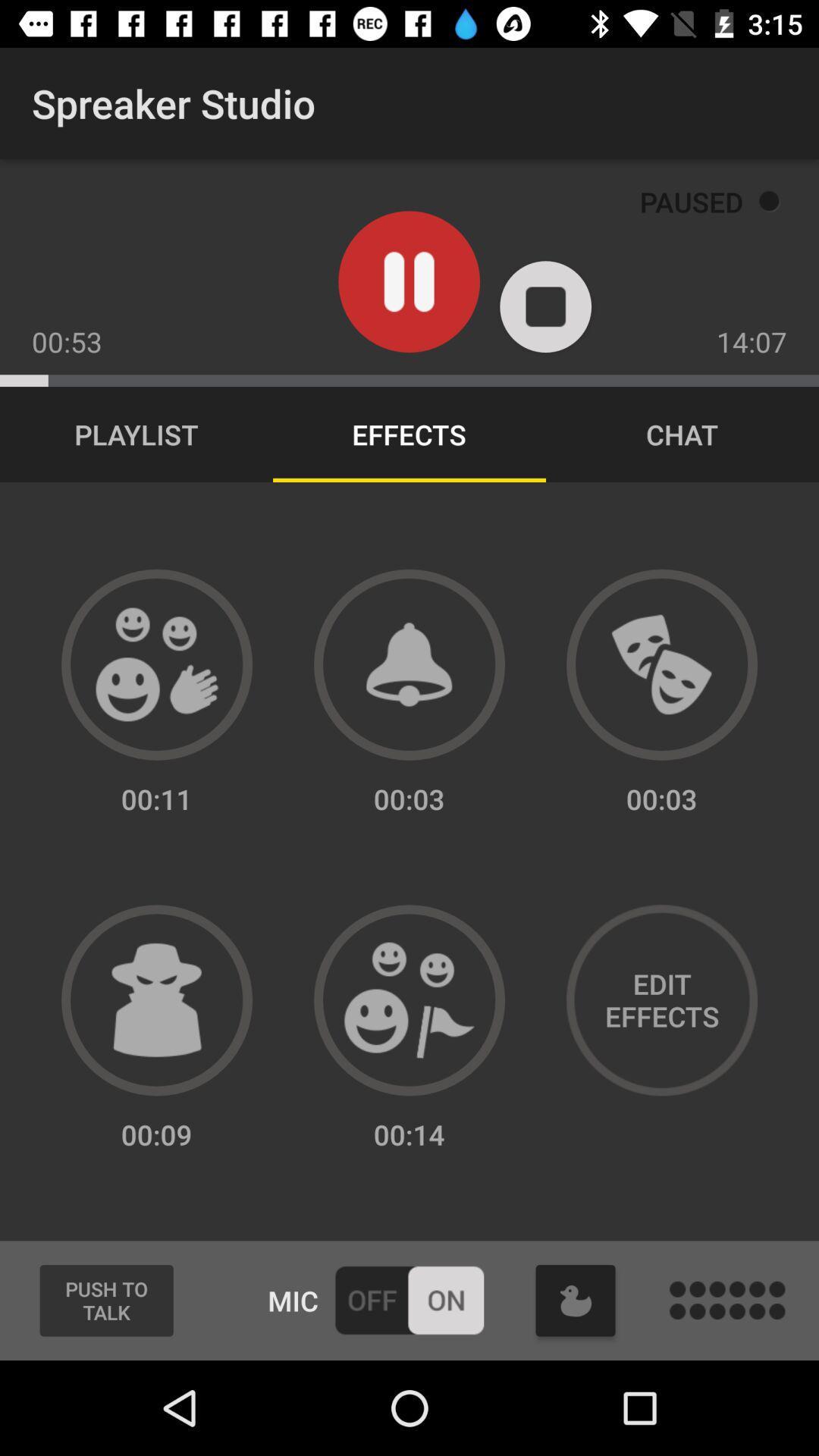 The width and height of the screenshot is (819, 1456). Describe the element at coordinates (576, 1300) in the screenshot. I see `the cart icon` at that location.